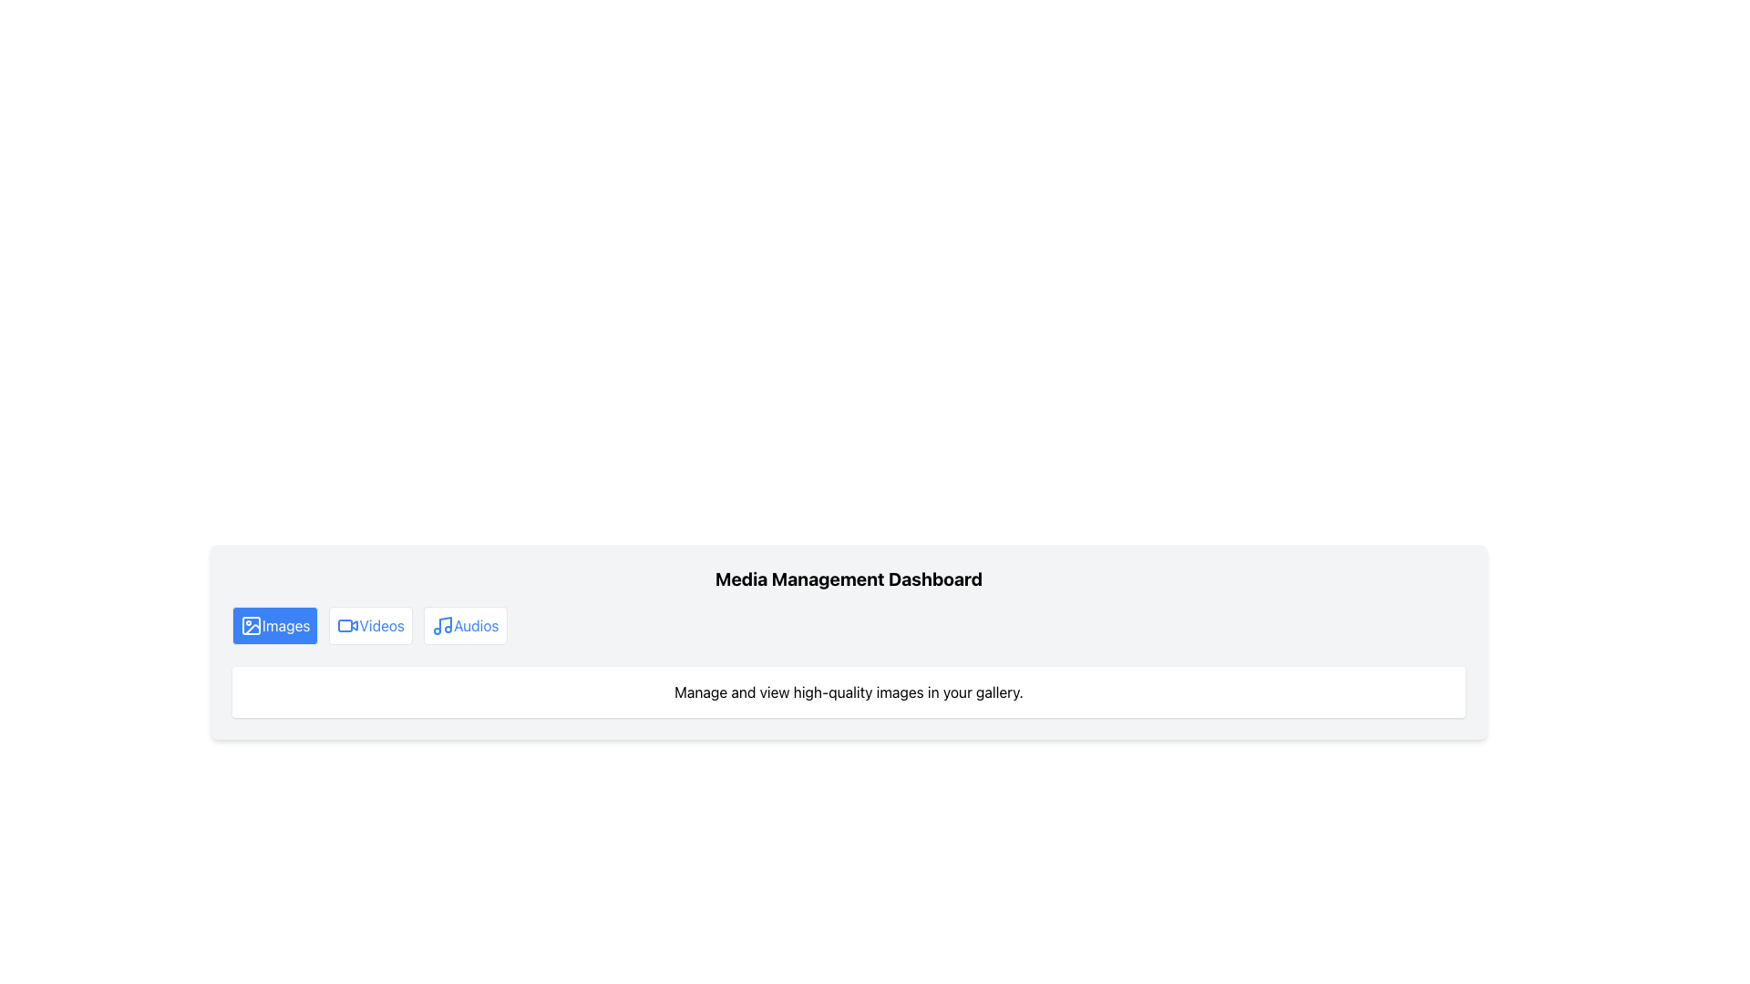 The height and width of the screenshot is (984, 1750). Describe the element at coordinates (250, 624) in the screenshot. I see `the 'Images' button, which is the leftmost button in a horizontal group` at that location.